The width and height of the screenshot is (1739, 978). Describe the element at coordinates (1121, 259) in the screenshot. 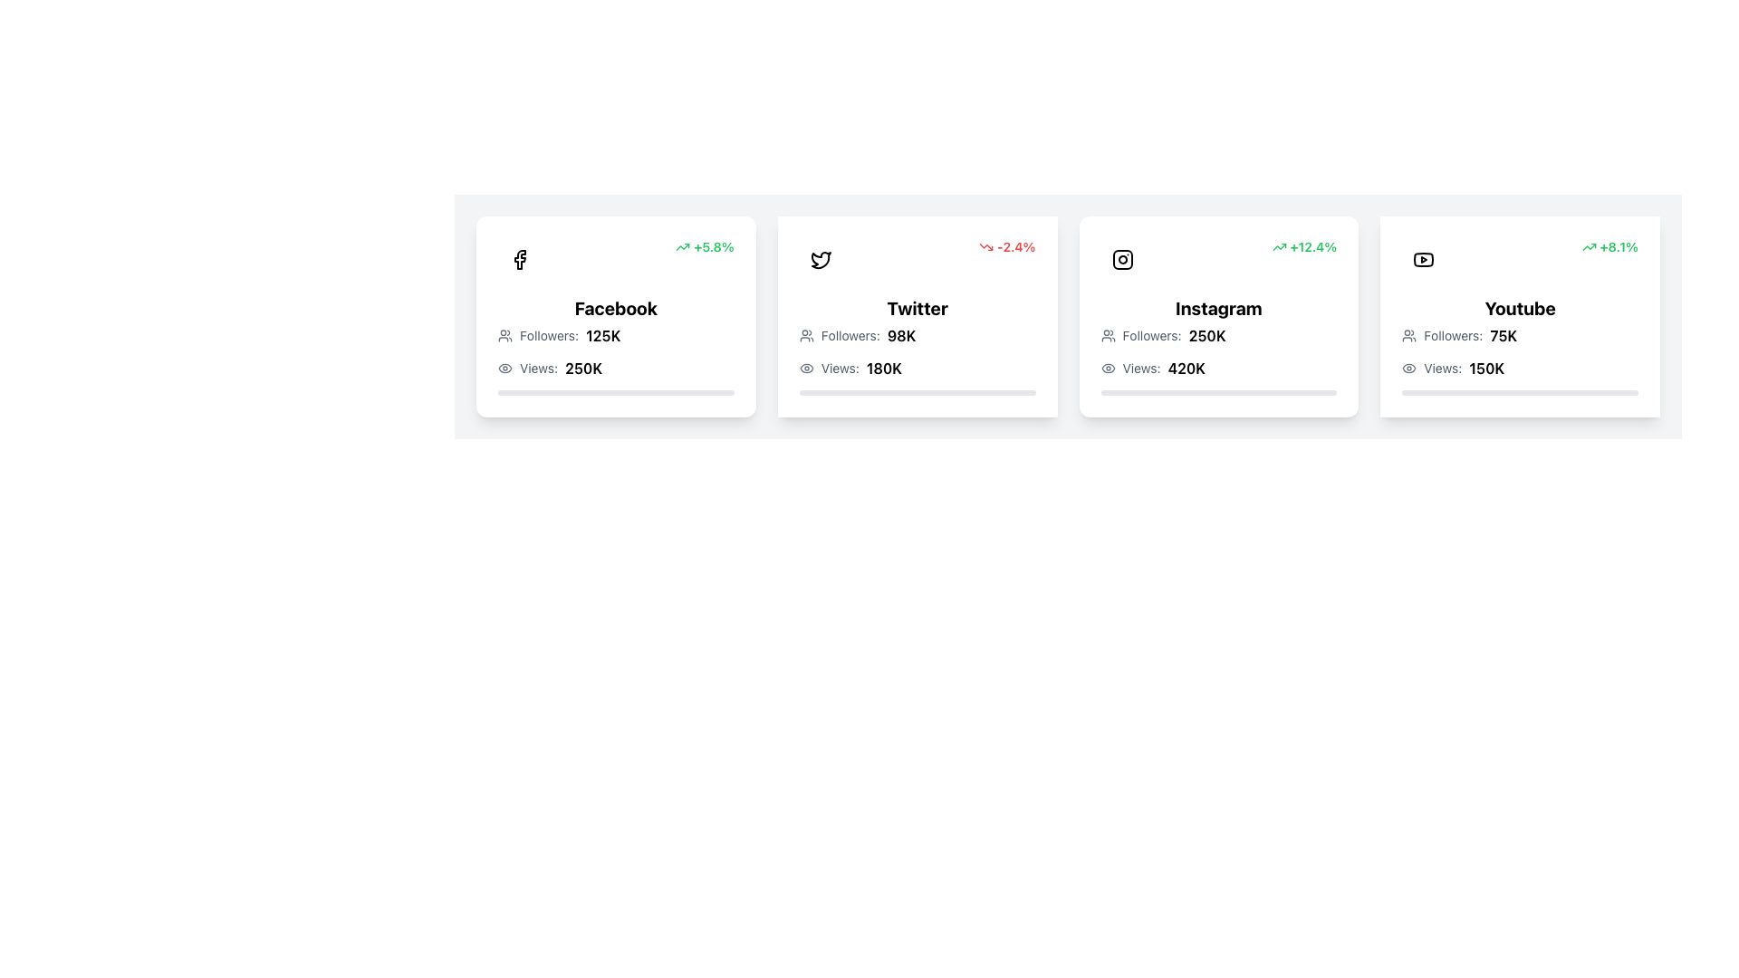

I see `the Instagram icon, which is styled with rounded edges and a camera-like shape, located within the third card labeled 'Instagram'` at that location.